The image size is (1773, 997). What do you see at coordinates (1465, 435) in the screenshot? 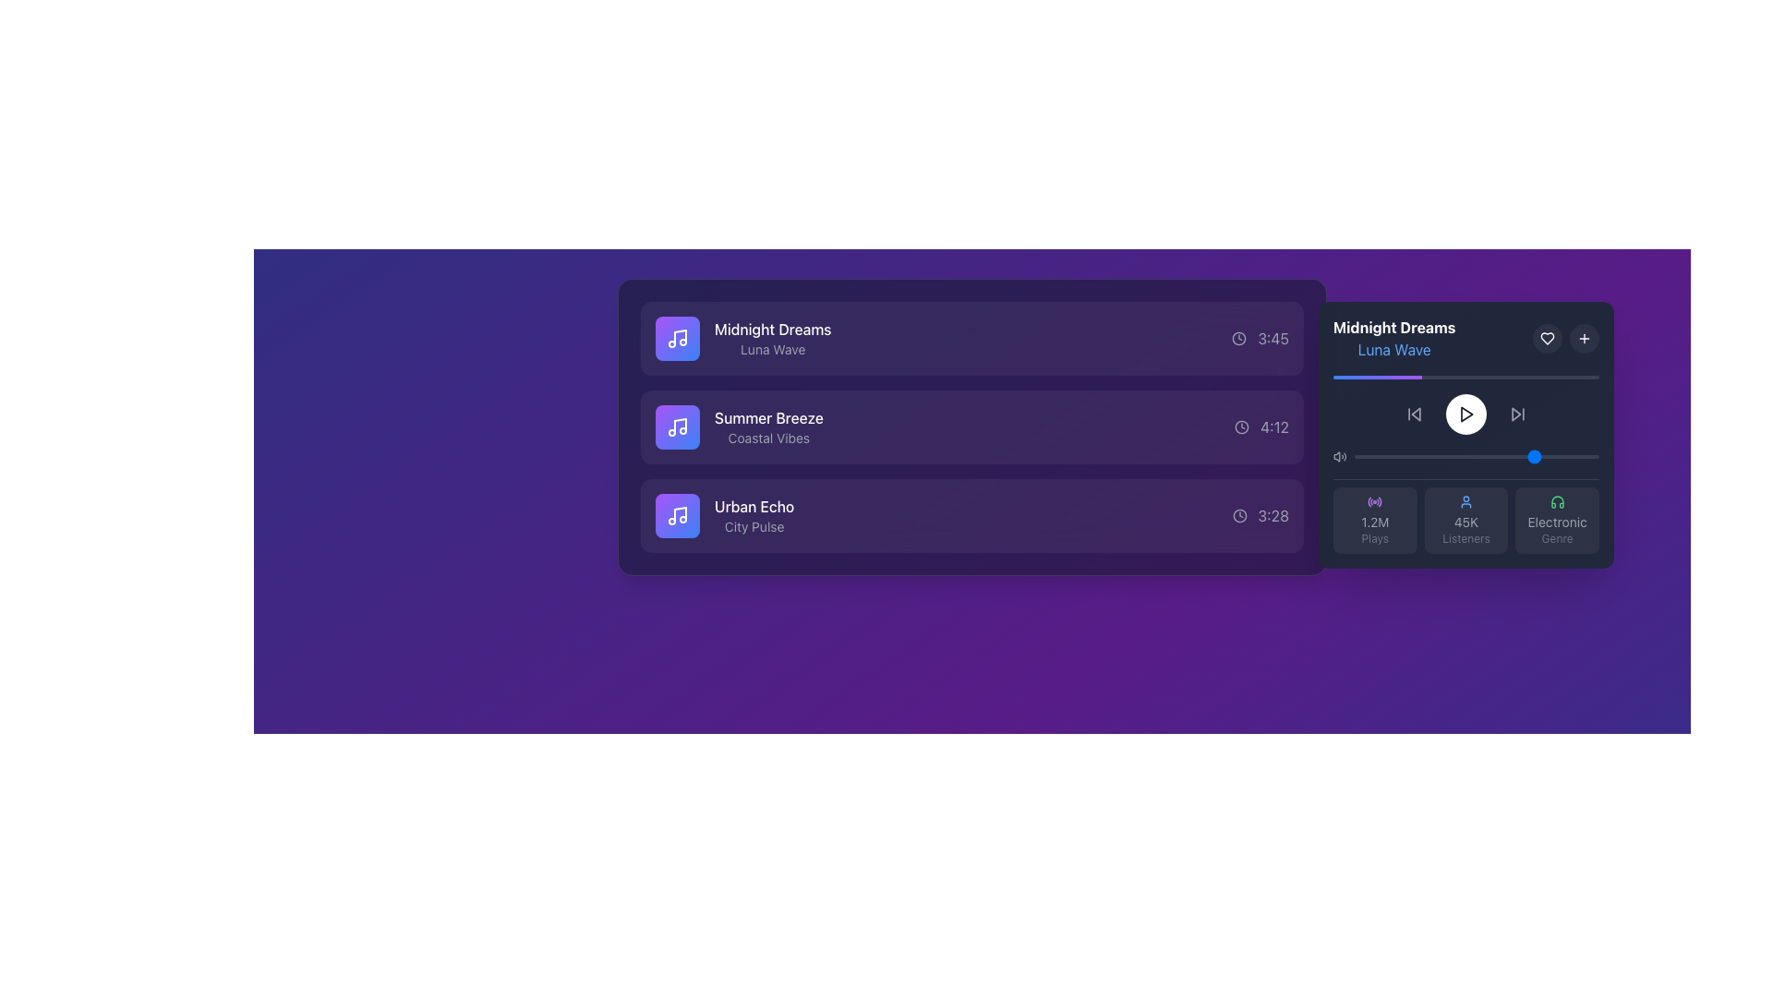
I see `the circular play button on the widget displaying the song 'Midnight Dreams' by 'Luna Wave' to play the song` at bounding box center [1465, 435].